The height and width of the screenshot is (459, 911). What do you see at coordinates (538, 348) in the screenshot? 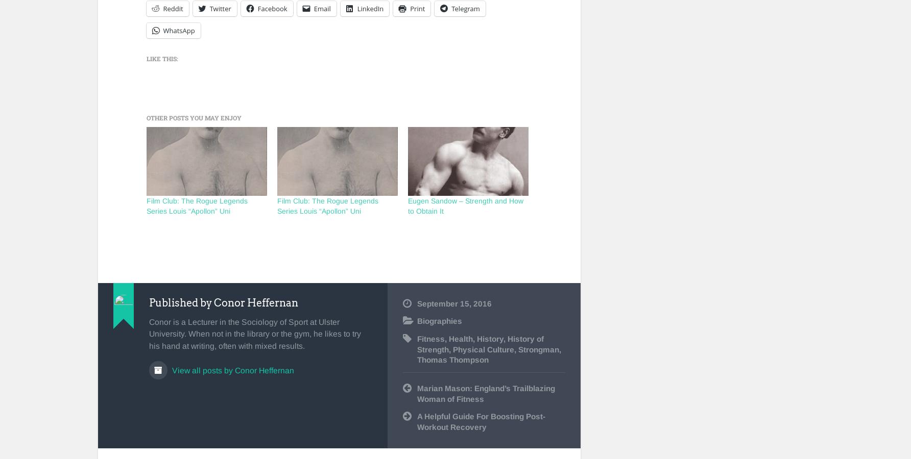
I see `'Strongman'` at bounding box center [538, 348].